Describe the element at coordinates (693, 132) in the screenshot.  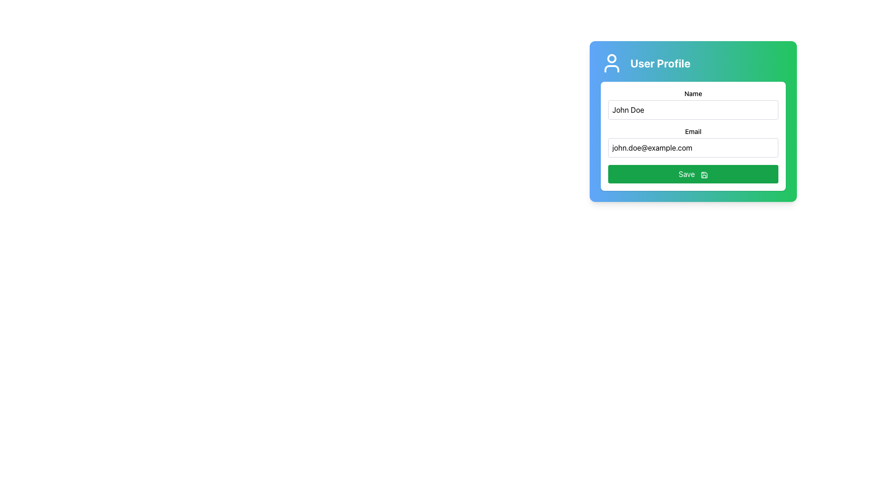
I see `the 'Email' text label, which is styled with a medium font weight and is black, located above the input field in the 'User Profile' form` at that location.